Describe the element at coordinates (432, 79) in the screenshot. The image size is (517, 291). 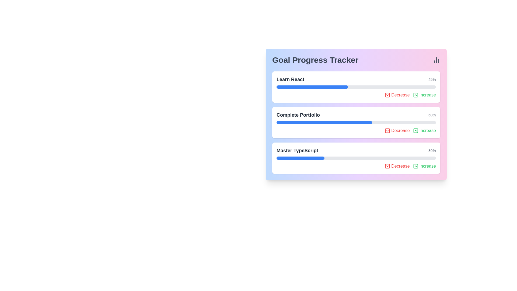
I see `the text label displaying '45%' in gray color, positioned to the right of 'Learn React' in the goal progress tracker interface` at that location.